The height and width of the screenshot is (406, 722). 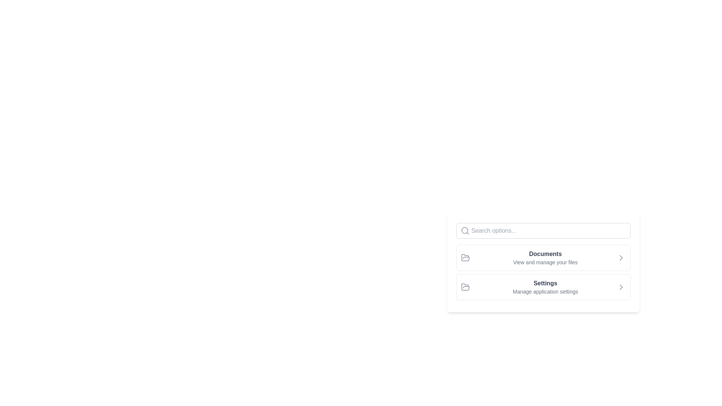 What do you see at coordinates (545, 262) in the screenshot?
I see `the static text label that provides additional information about the 'Documents' section, located centrally beneath the 'Documents' heading` at bounding box center [545, 262].